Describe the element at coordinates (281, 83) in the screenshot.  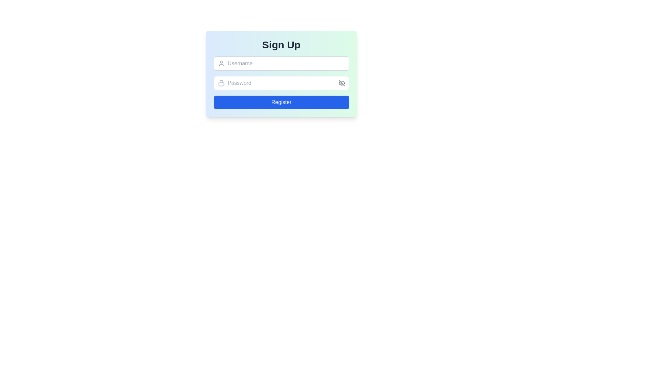
I see `the password input field located below the 'Username' input and above the 'Register' button to focus and type a password` at that location.